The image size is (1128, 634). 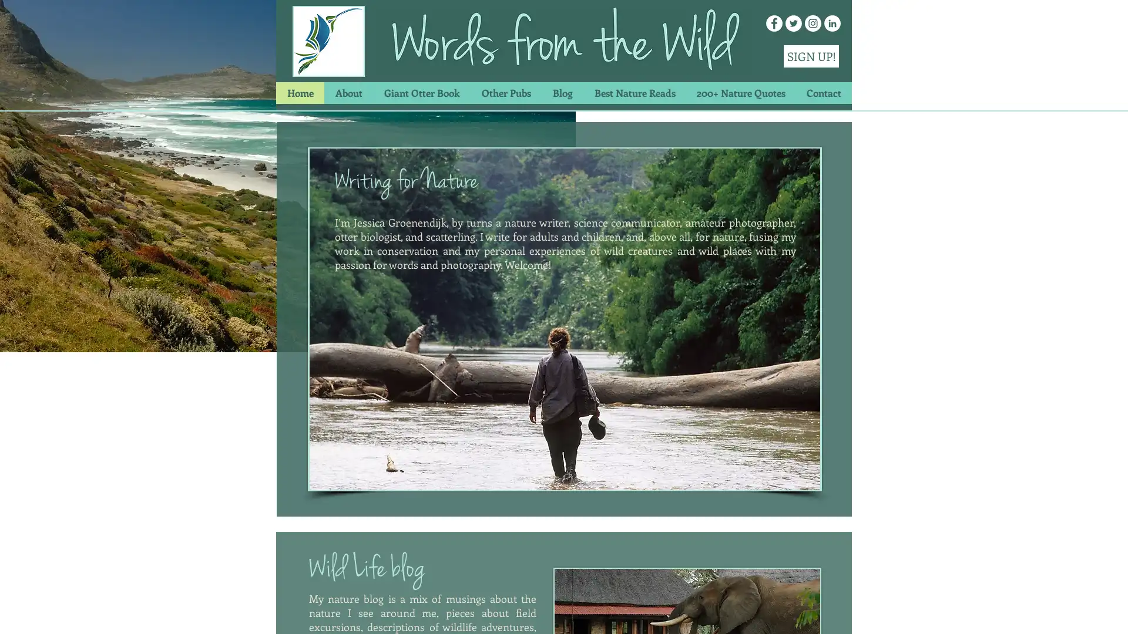 I want to click on Accept, so click(x=1075, y=613).